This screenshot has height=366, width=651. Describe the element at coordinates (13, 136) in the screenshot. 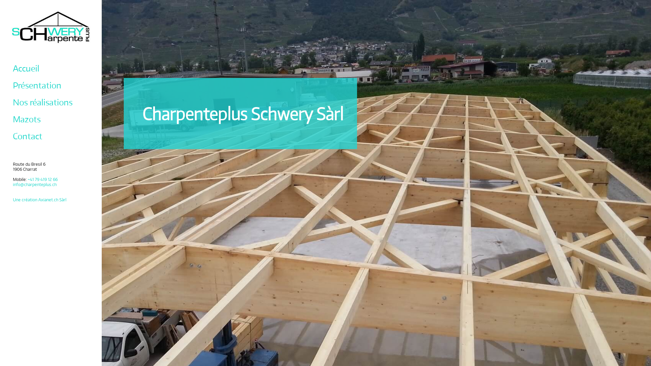

I see `'Contact'` at that location.